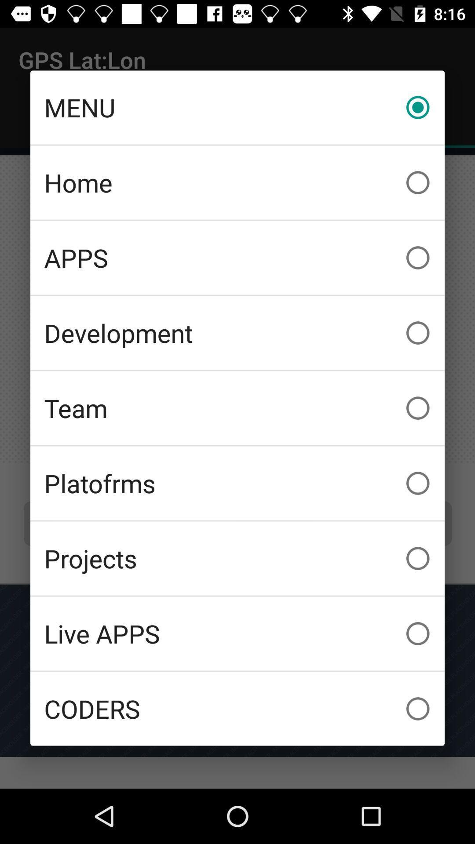 The height and width of the screenshot is (844, 475). Describe the element at coordinates (237, 407) in the screenshot. I see `team item` at that location.